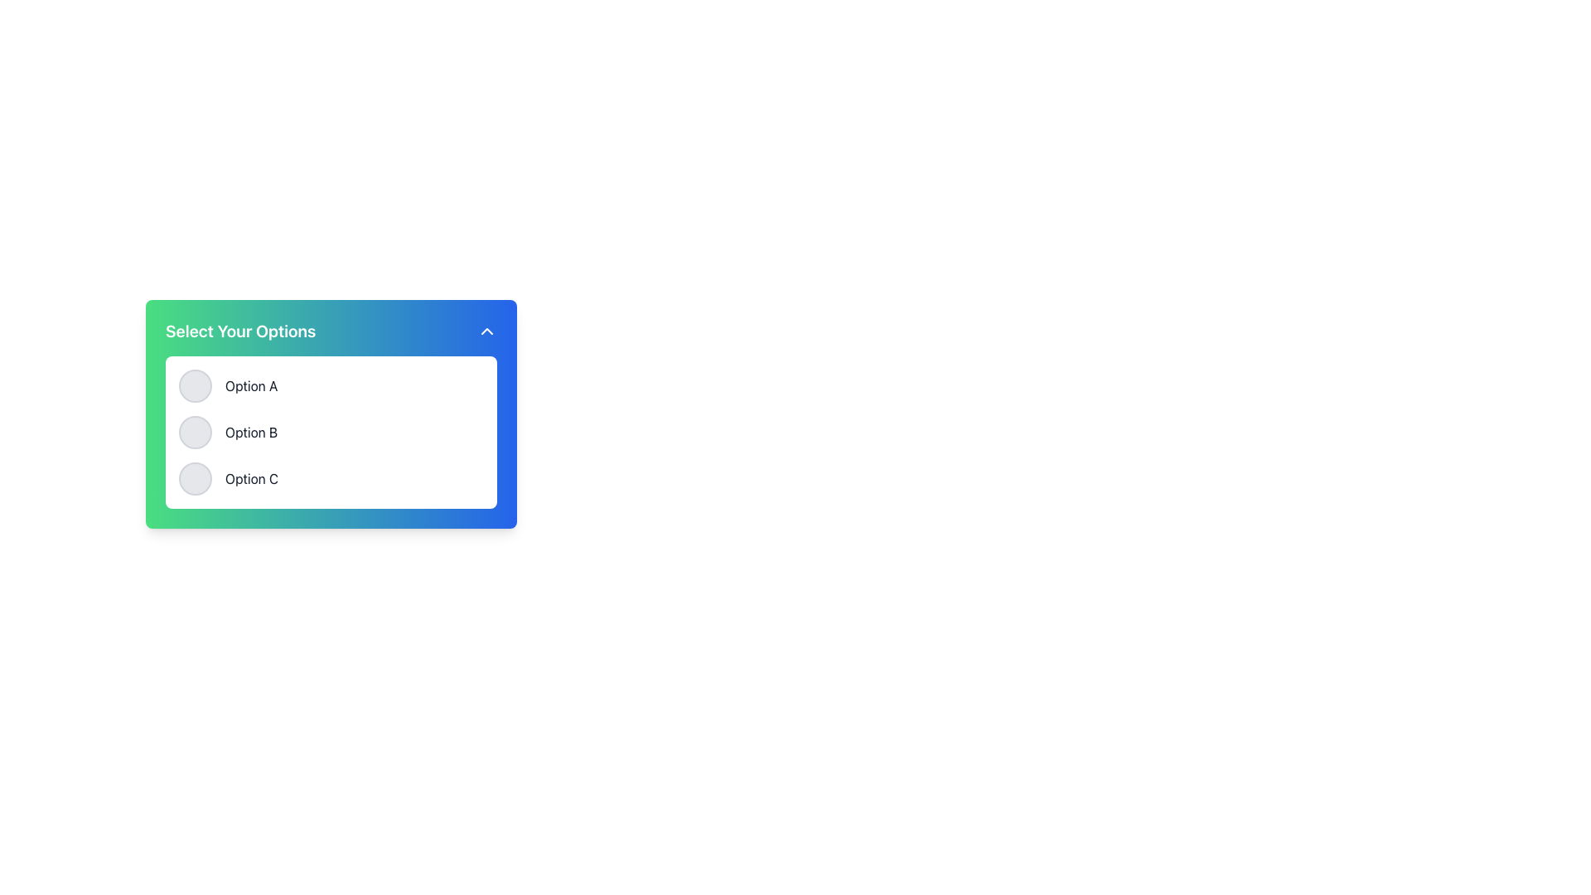 This screenshot has width=1591, height=895. I want to click on the button in the option selector labeled 'Option B' located in the second row of the 'Select Your Options' group, so click(331, 431).